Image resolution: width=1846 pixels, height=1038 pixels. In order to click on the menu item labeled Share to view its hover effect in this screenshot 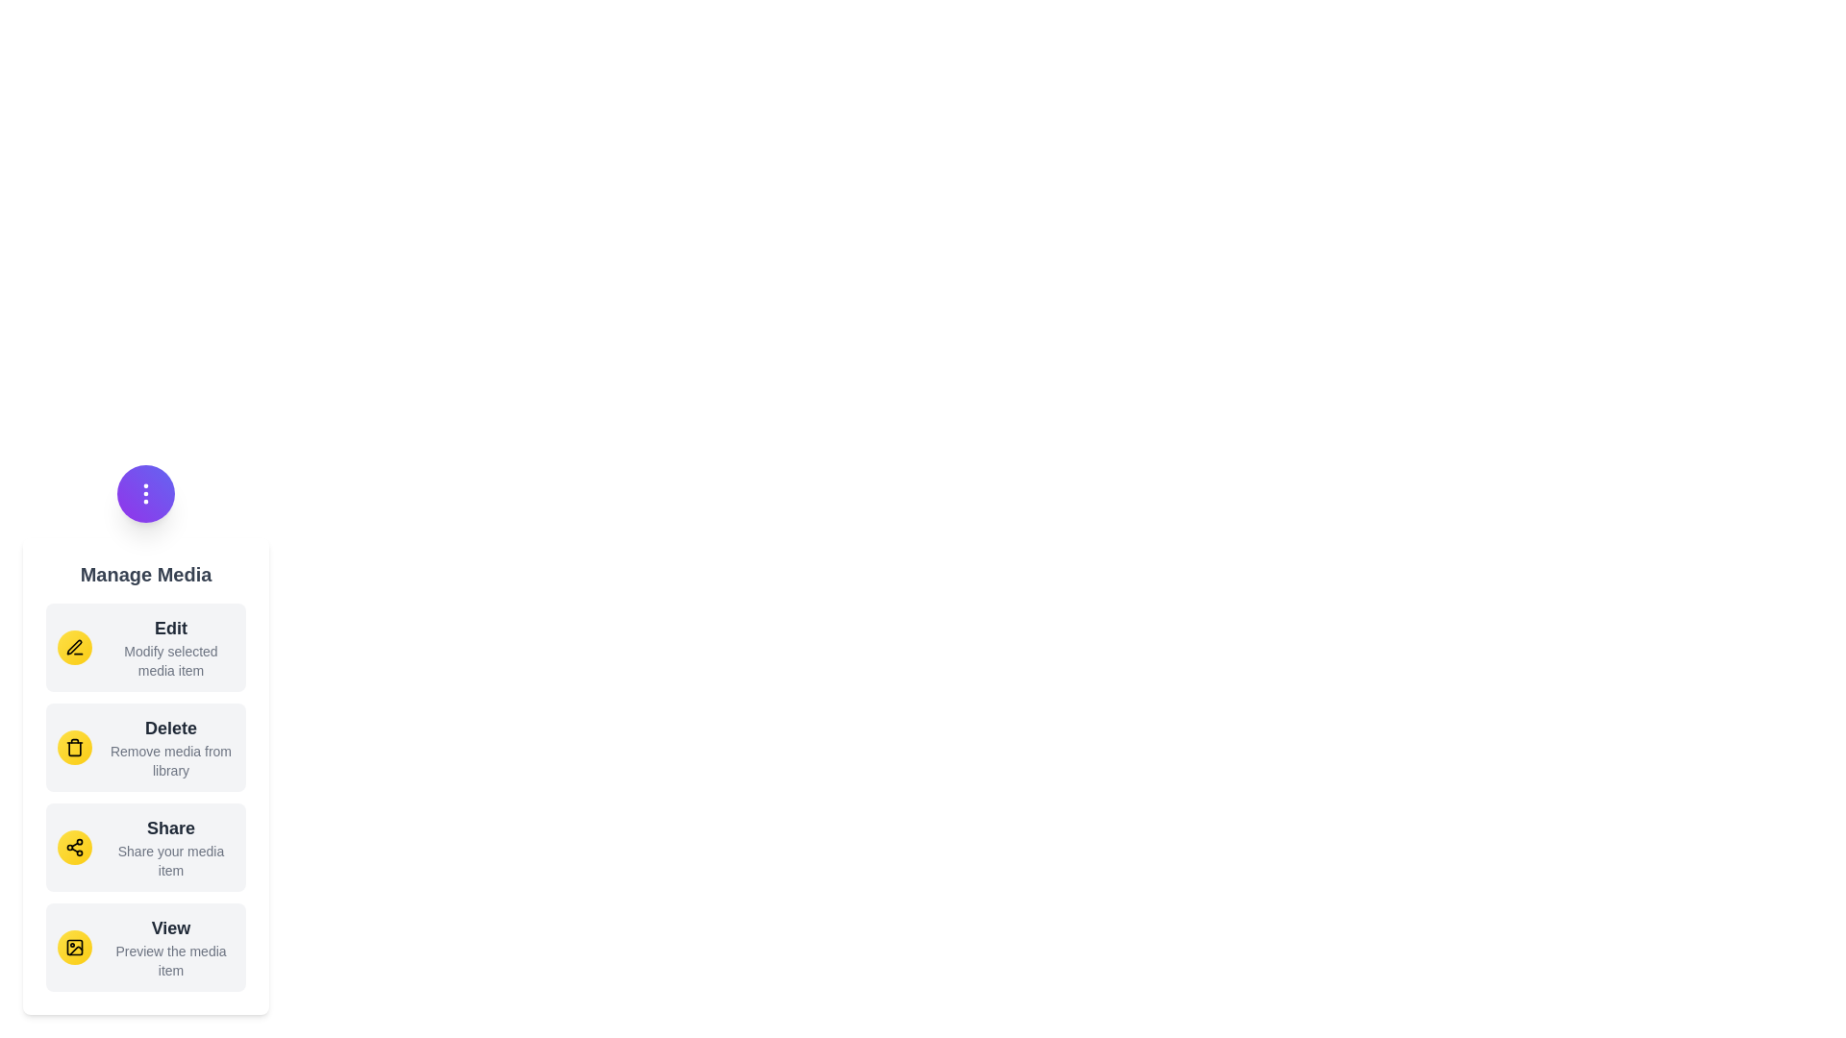, I will do `click(145, 847)`.